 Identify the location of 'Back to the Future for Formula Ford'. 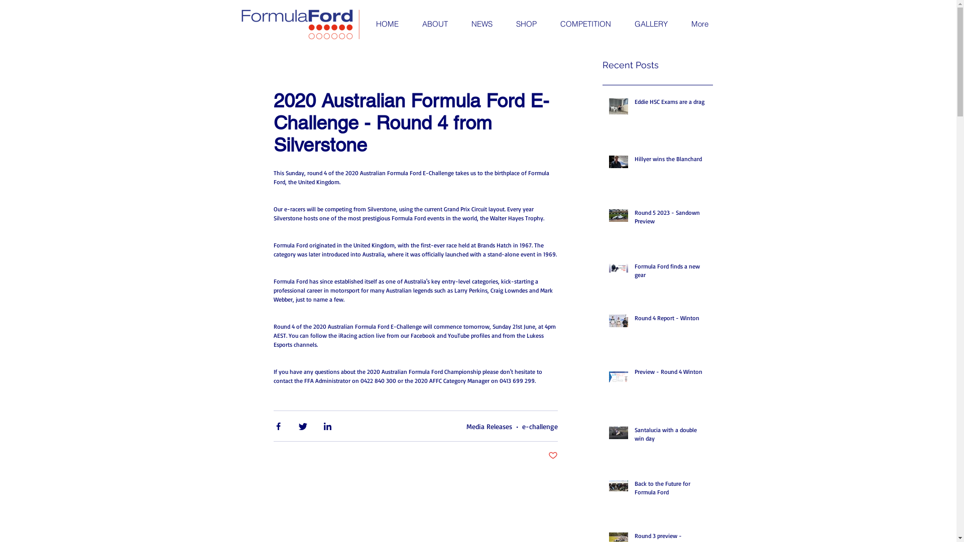
(670, 489).